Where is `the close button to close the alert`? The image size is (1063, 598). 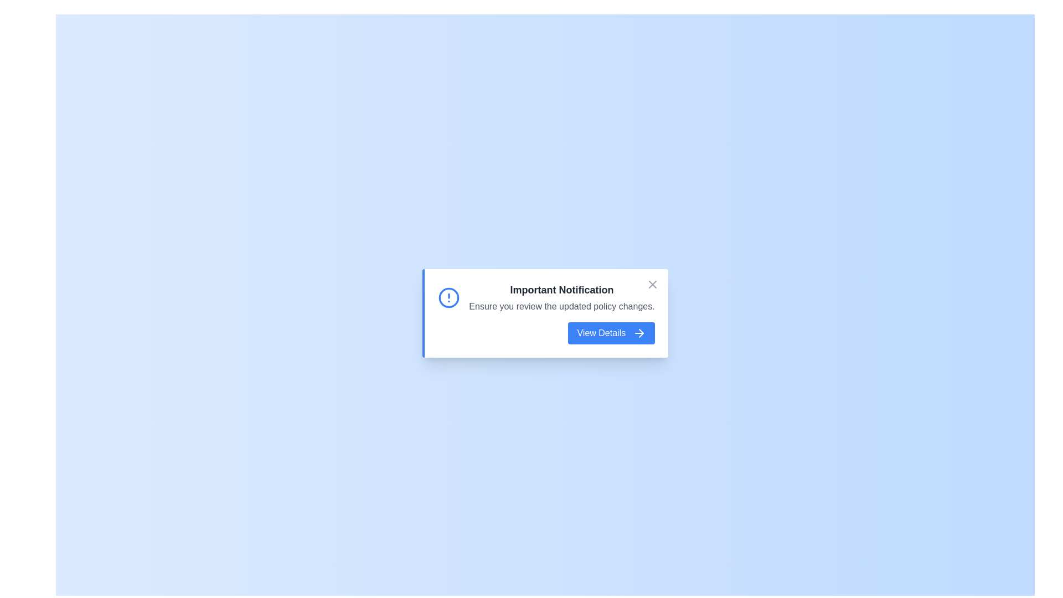 the close button to close the alert is located at coordinates (652, 283).